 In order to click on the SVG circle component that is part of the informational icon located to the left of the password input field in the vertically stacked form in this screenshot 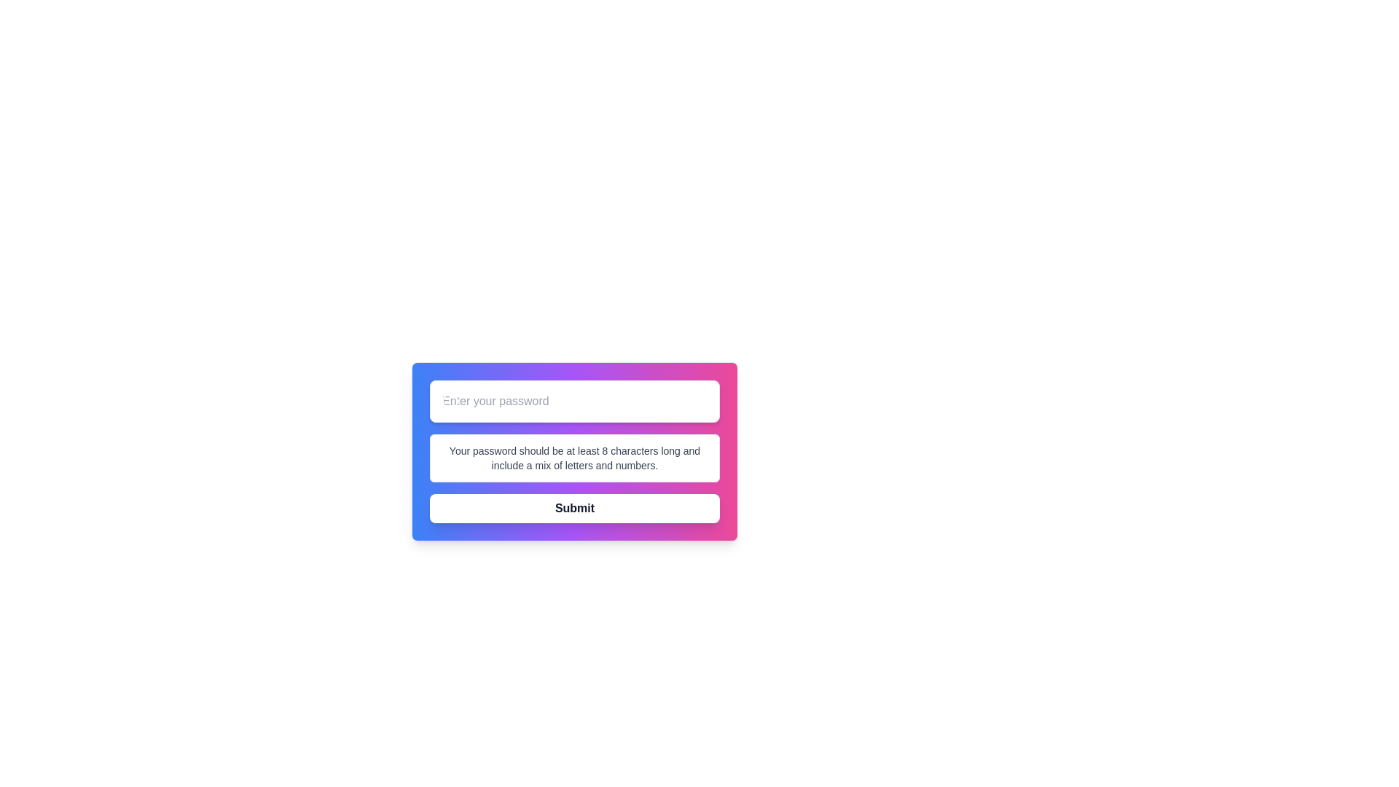, I will do `click(450, 402)`.